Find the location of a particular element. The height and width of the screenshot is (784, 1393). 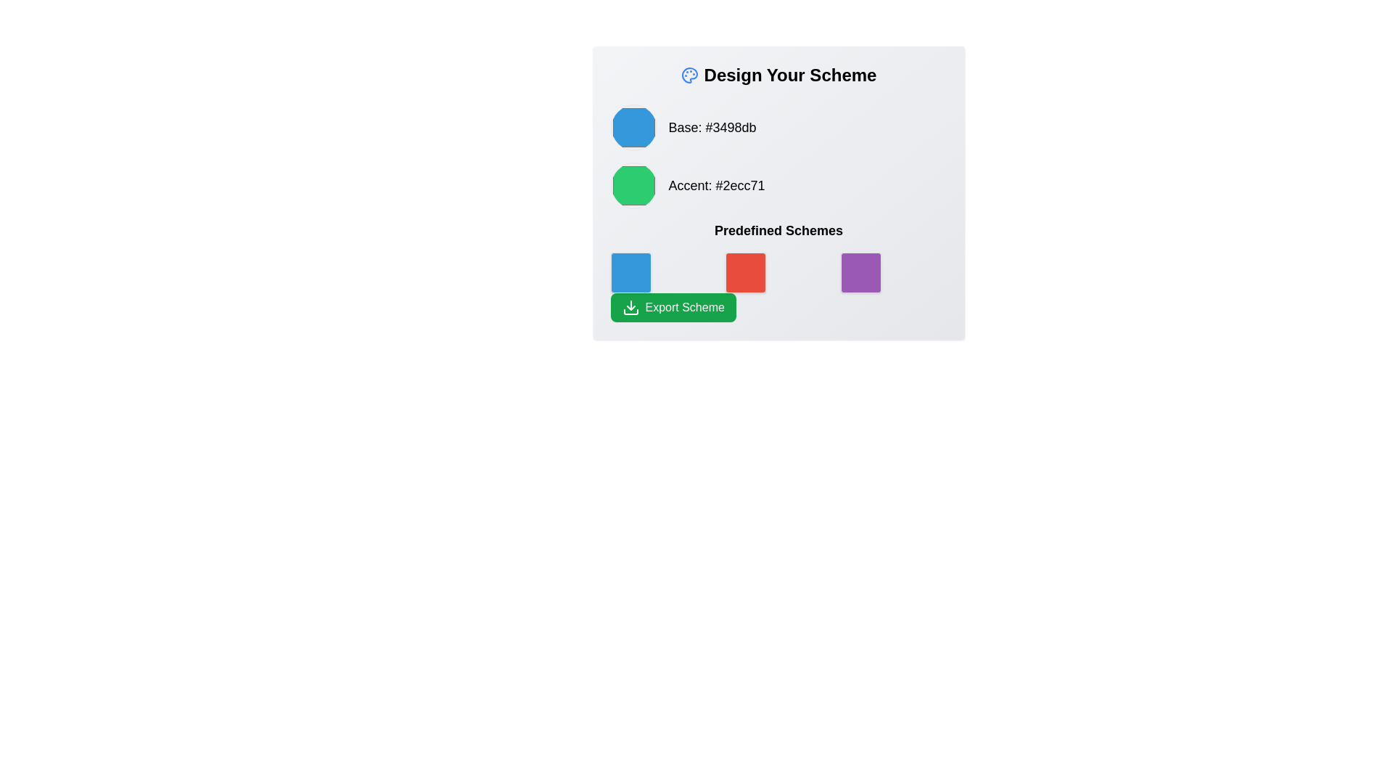

the green 'Export Scheme' button with a downward arrow icon to initiate the export action is located at coordinates (672, 307).